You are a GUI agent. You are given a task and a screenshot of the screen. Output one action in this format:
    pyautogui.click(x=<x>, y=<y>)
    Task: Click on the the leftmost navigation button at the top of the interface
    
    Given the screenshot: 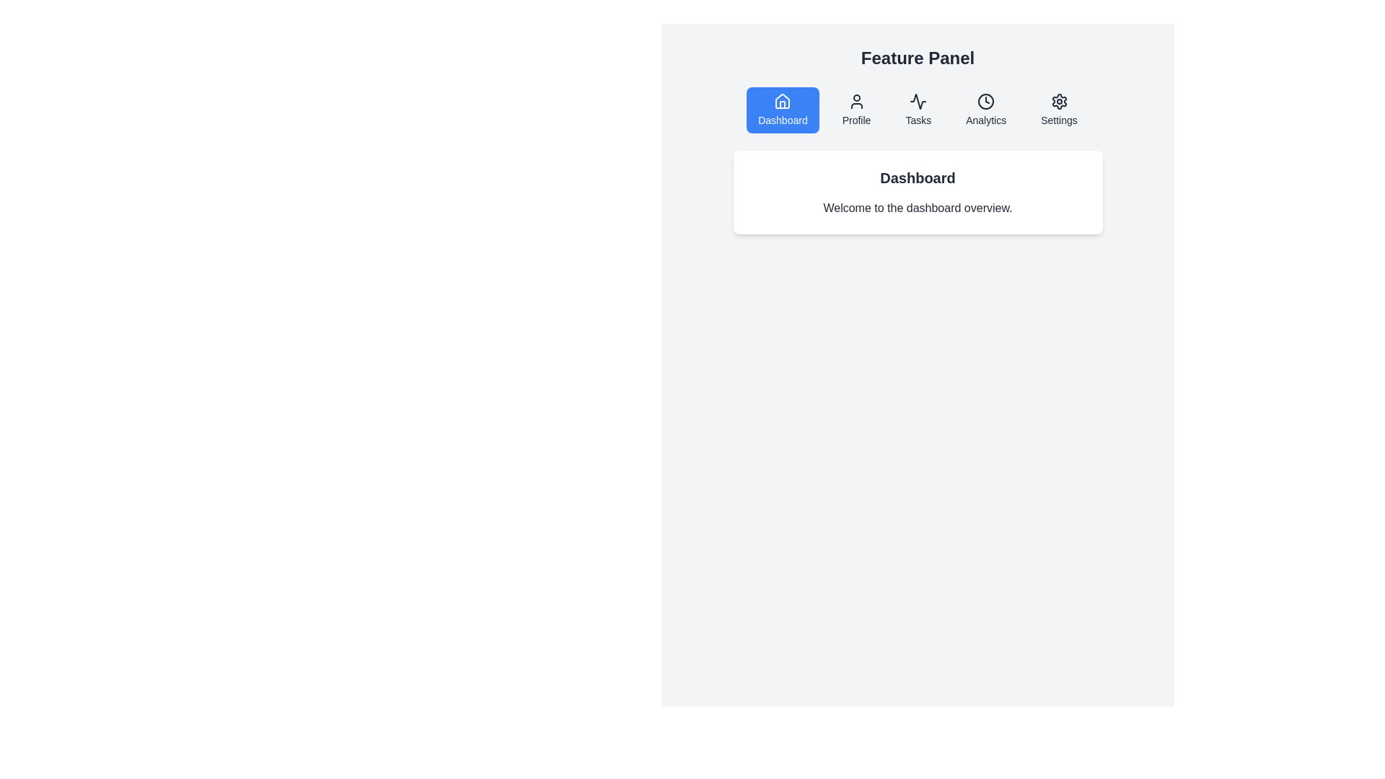 What is the action you would take?
    pyautogui.click(x=782, y=110)
    